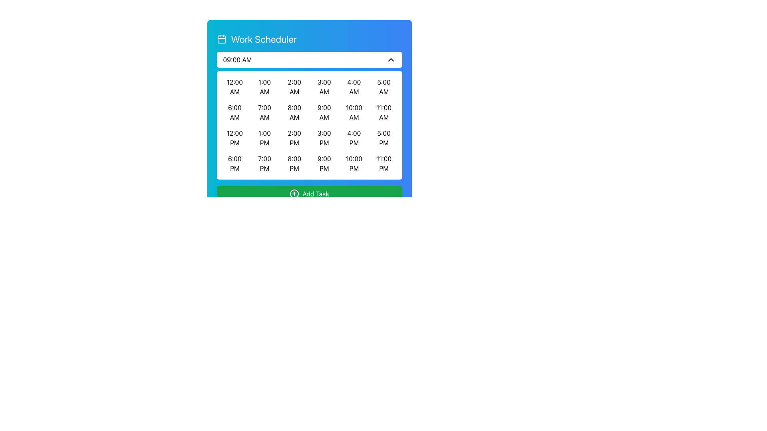  What do you see at coordinates (234, 87) in the screenshot?
I see `the '12:00 AM' time slot button in the scheduling interface` at bounding box center [234, 87].